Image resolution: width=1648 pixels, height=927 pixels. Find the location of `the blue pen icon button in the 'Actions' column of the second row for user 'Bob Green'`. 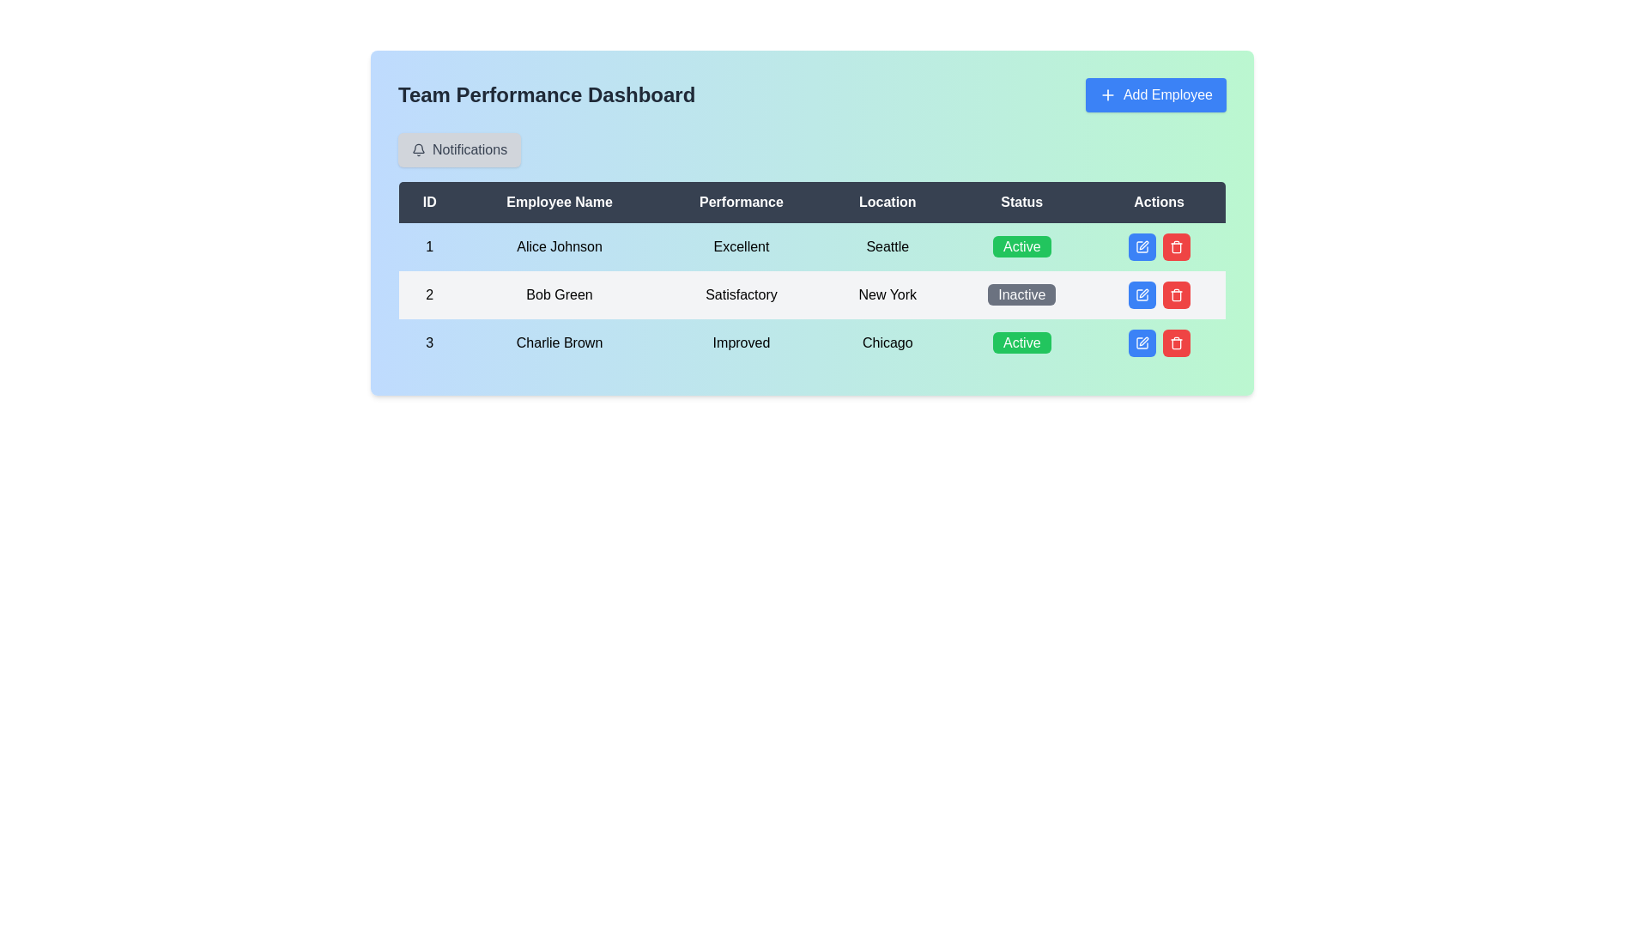

the blue pen icon button in the 'Actions' column of the second row for user 'Bob Green' is located at coordinates (1143, 245).